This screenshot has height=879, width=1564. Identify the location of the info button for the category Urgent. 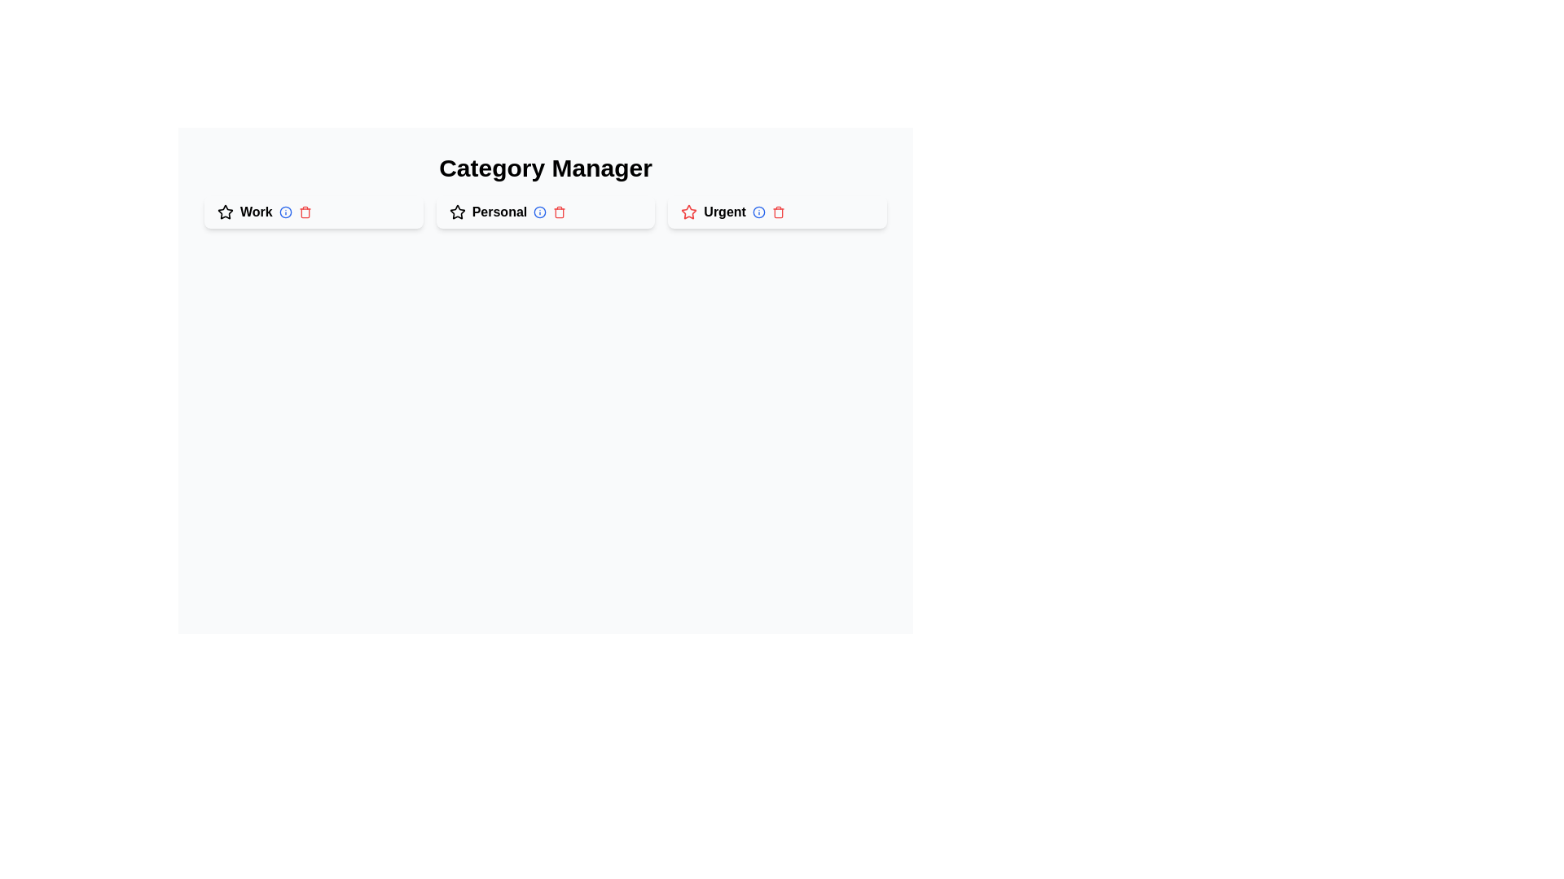
(758, 212).